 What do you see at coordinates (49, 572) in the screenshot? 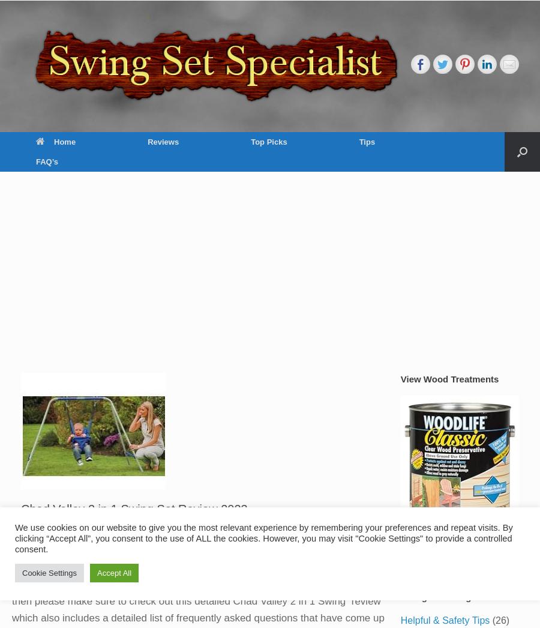
I see `'Cookie Settings'` at bounding box center [49, 572].